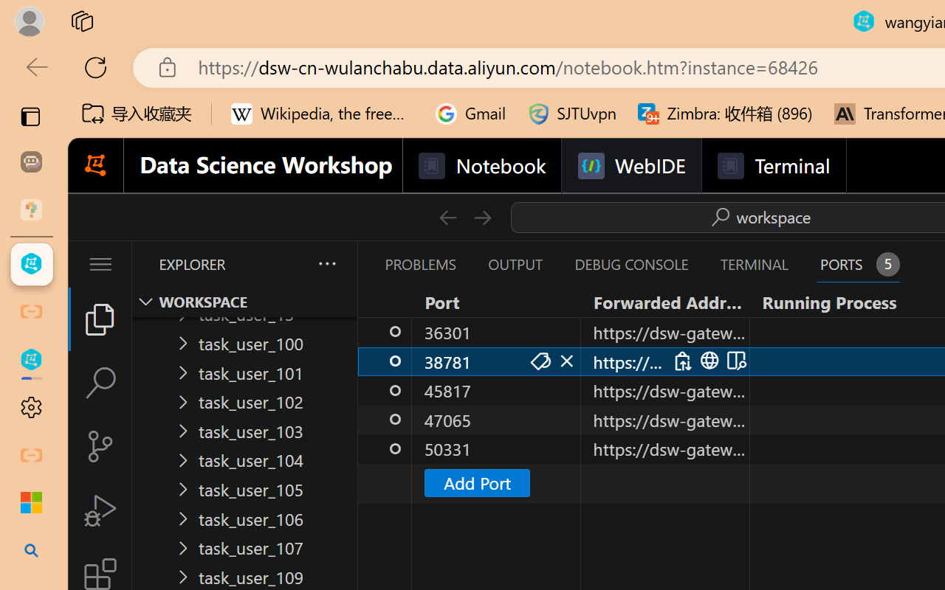 This screenshot has height=590, width=945. I want to click on 'SJTUvpn', so click(571, 114).